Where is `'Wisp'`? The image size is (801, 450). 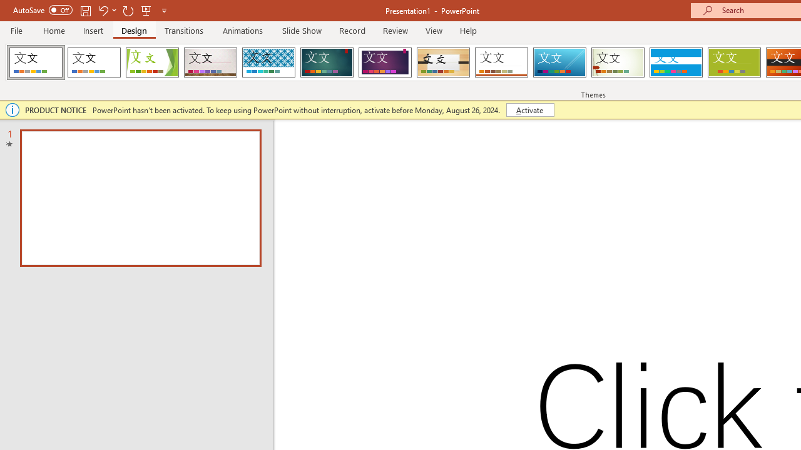
'Wisp' is located at coordinates (618, 62).